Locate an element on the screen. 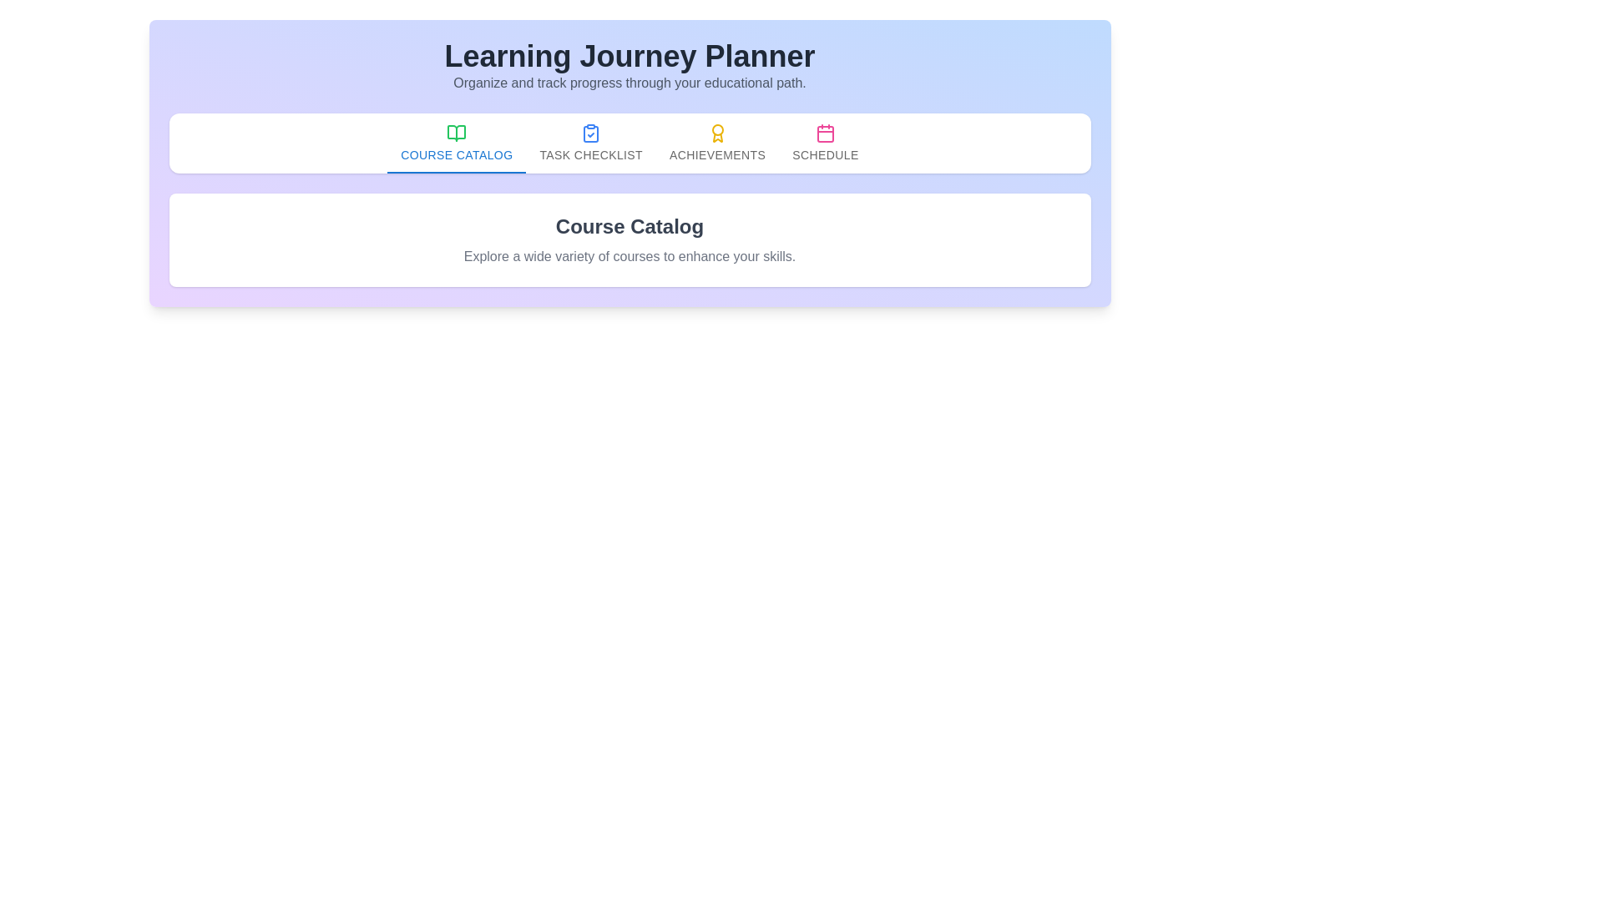  the second icon in the horizontal tab navigation bar, which is a rectangular clipboard-like icon with rounded corners and a blue outline, associated with the 'Task Checklist' tab is located at coordinates (591, 133).